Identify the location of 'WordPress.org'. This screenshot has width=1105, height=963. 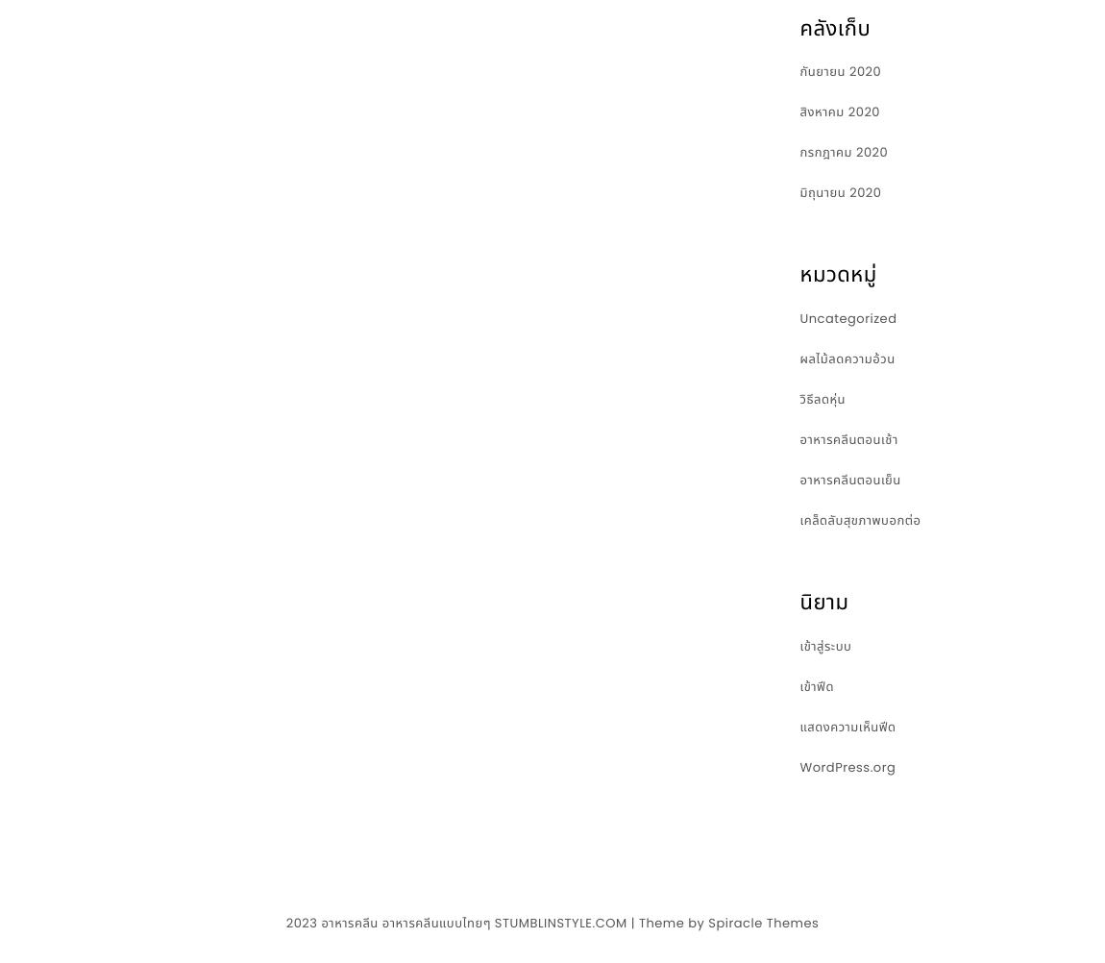
(798, 765).